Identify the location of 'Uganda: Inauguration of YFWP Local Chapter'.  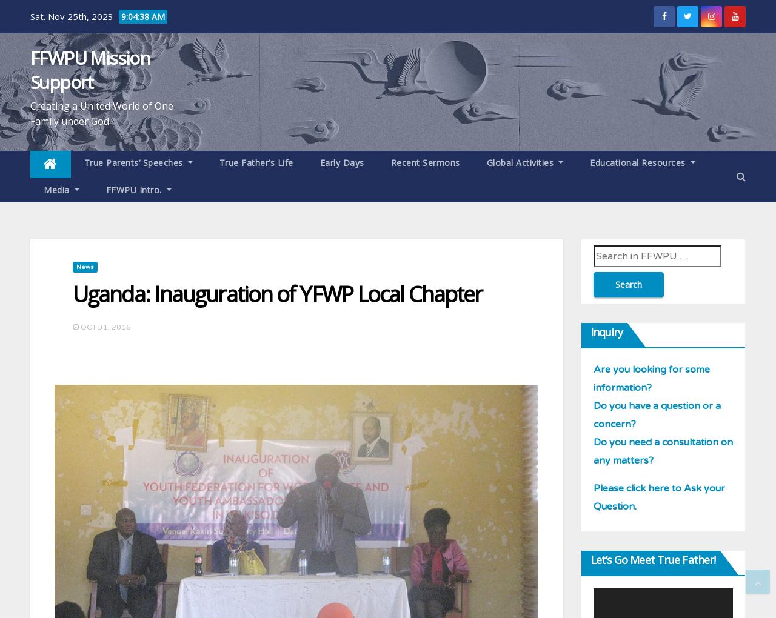
(276, 294).